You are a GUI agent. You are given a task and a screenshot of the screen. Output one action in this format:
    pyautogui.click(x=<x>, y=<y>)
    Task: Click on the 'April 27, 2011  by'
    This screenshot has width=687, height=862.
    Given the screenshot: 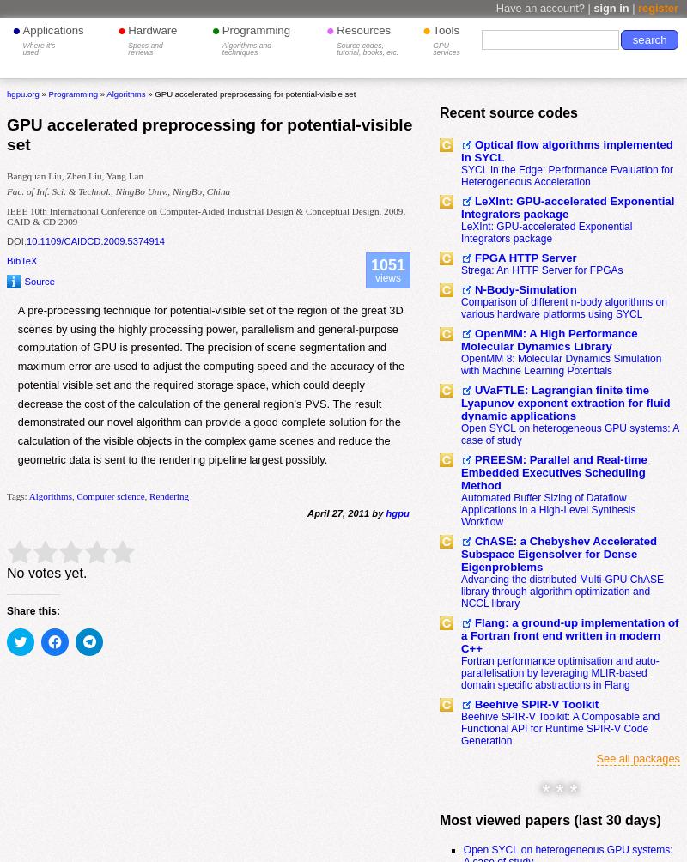 What is the action you would take?
    pyautogui.click(x=346, y=513)
    